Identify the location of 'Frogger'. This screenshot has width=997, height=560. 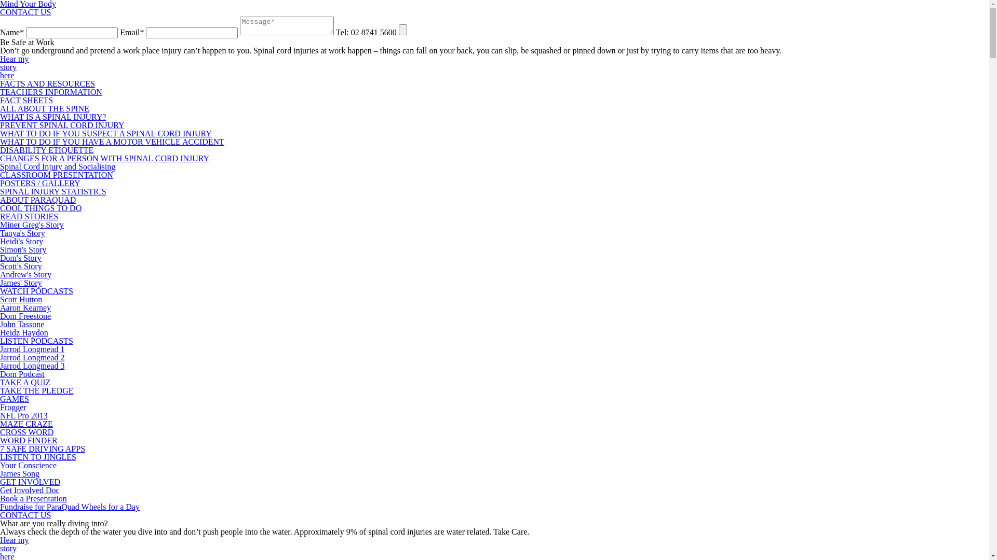
(13, 407).